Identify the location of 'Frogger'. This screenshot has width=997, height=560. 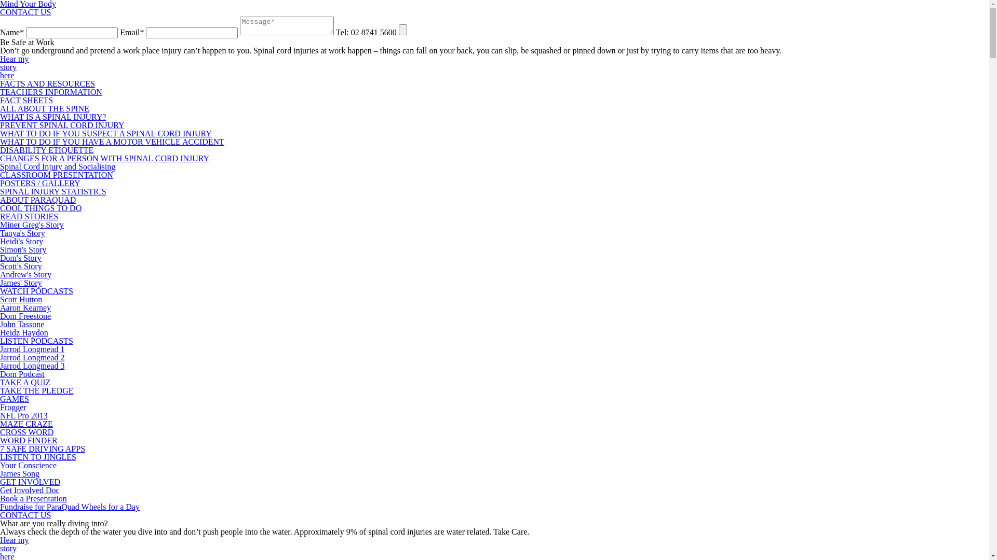
(13, 407).